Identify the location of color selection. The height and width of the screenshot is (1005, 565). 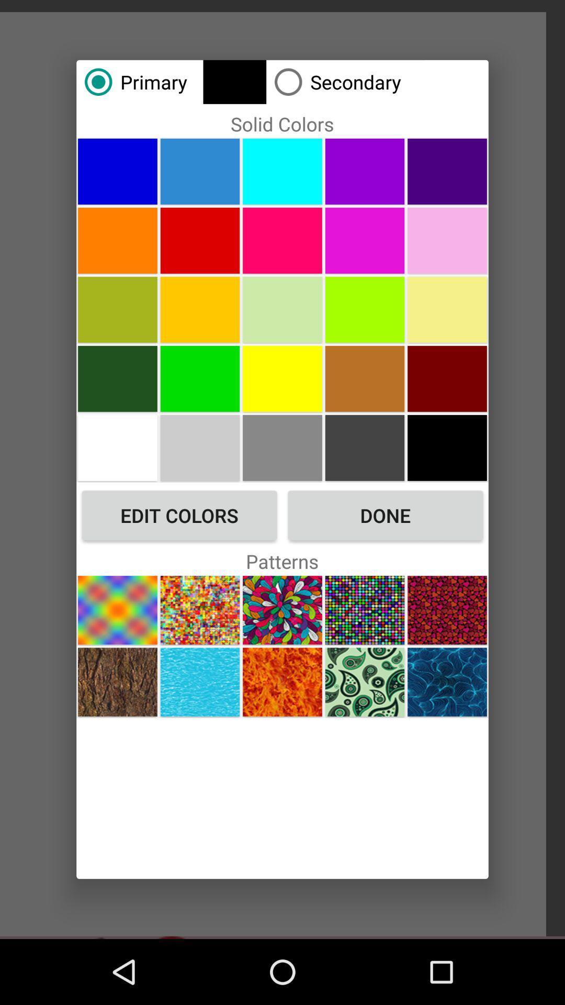
(200, 171).